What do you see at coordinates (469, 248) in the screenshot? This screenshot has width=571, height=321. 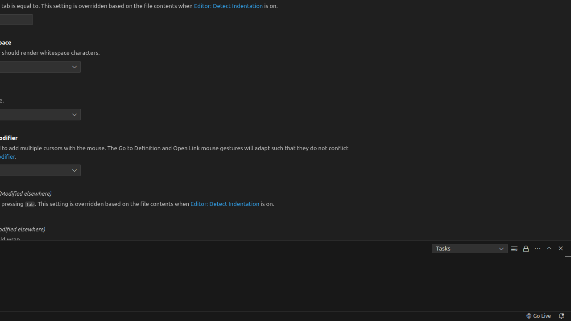 I see `'Tasks'` at bounding box center [469, 248].